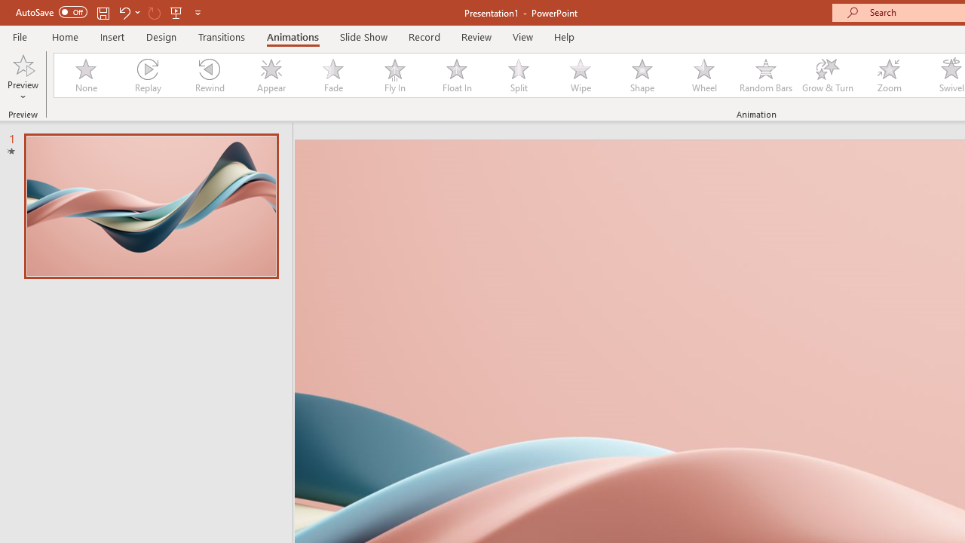 The image size is (965, 543). What do you see at coordinates (766, 75) in the screenshot?
I see `'Random Bars'` at bounding box center [766, 75].